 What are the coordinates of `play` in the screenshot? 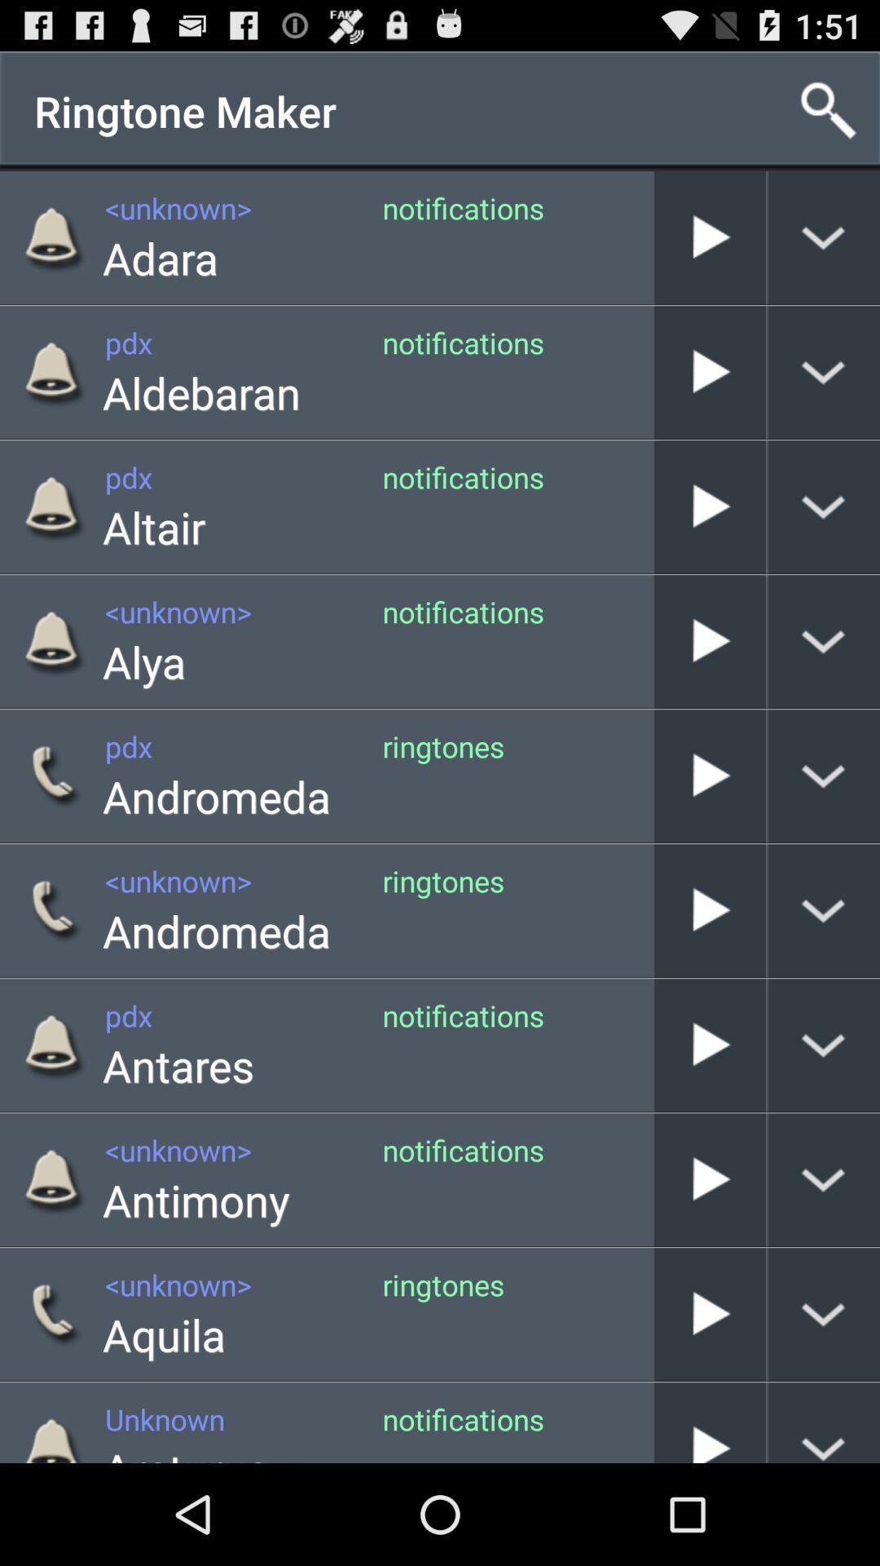 It's located at (709, 1179).